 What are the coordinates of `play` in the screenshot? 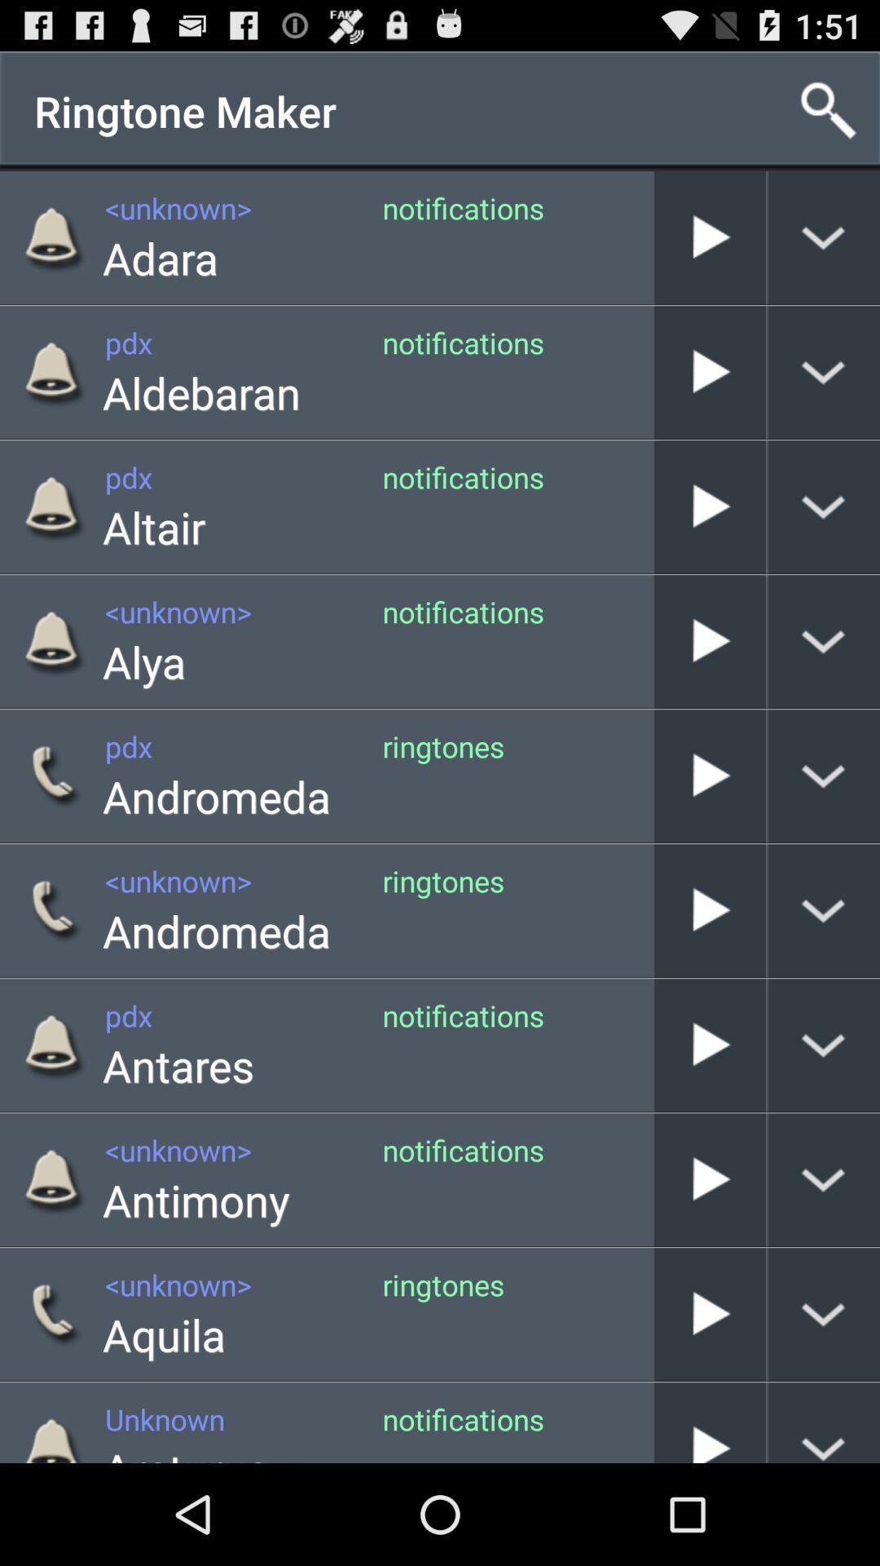 It's located at (709, 1179).